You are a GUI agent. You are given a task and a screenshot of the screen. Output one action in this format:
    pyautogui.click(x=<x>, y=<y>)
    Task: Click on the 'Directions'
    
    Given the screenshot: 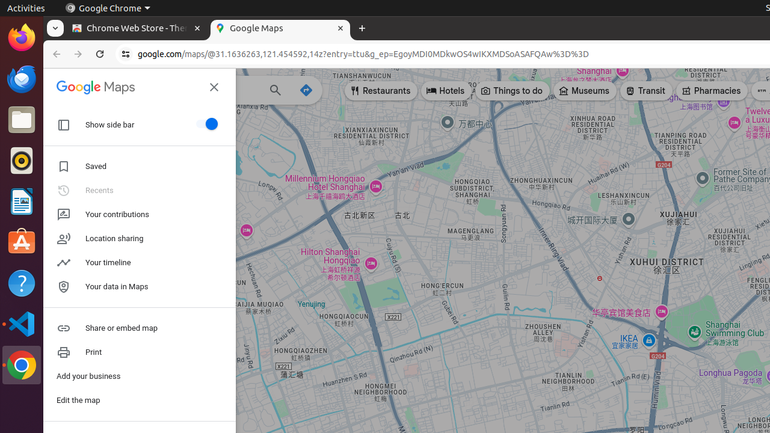 What is the action you would take?
    pyautogui.click(x=306, y=89)
    